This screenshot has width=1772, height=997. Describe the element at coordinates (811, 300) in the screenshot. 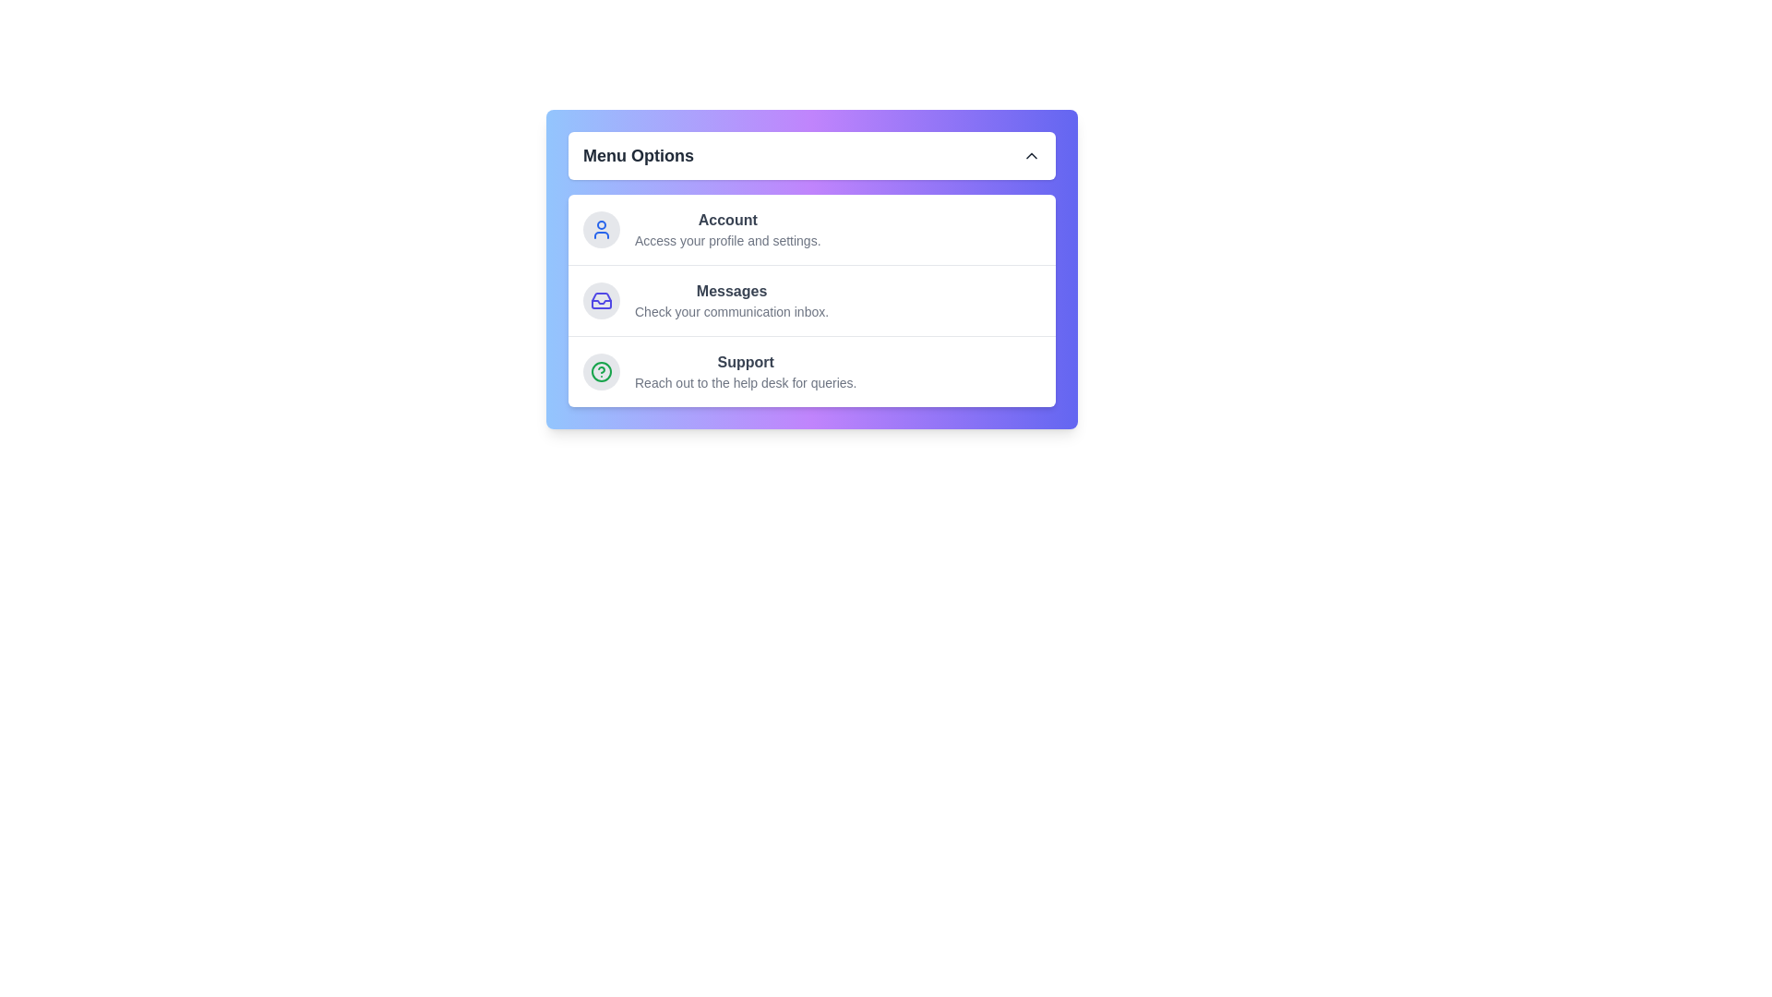

I see `the 'Messages' menu item to access its details` at that location.